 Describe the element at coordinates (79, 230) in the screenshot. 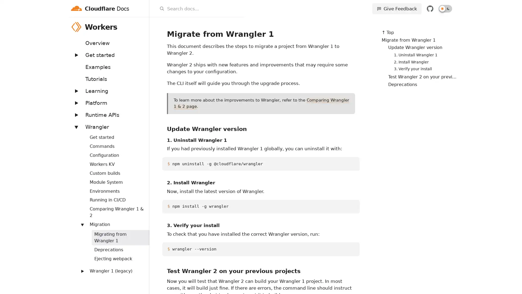

I see `Expand: Routing` at that location.